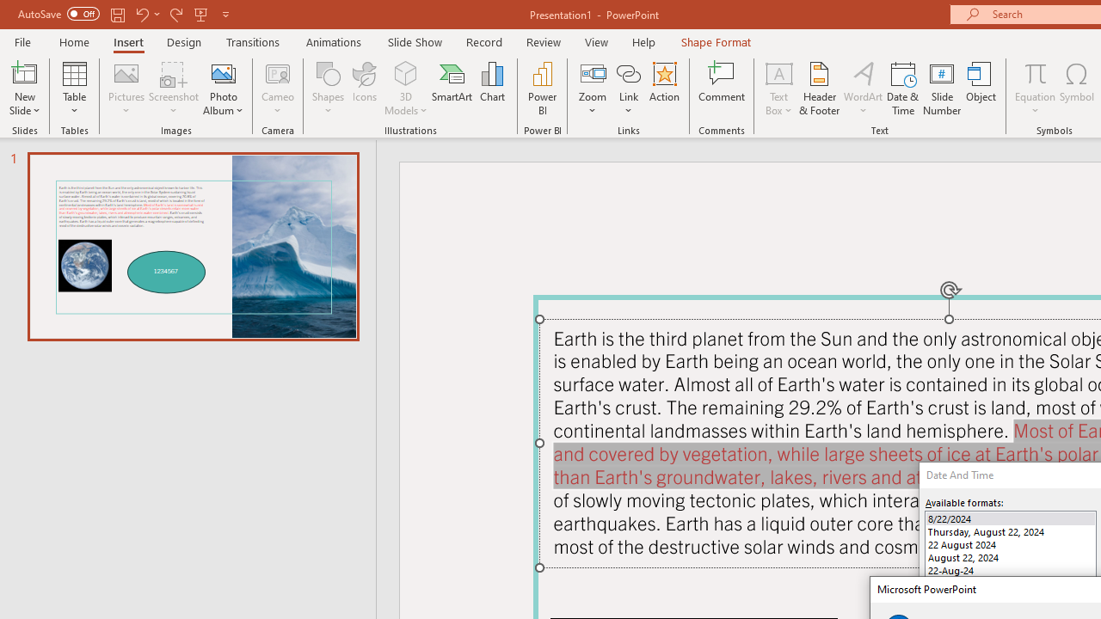 This screenshot has width=1101, height=619. I want to click on 'Insert', so click(127, 41).